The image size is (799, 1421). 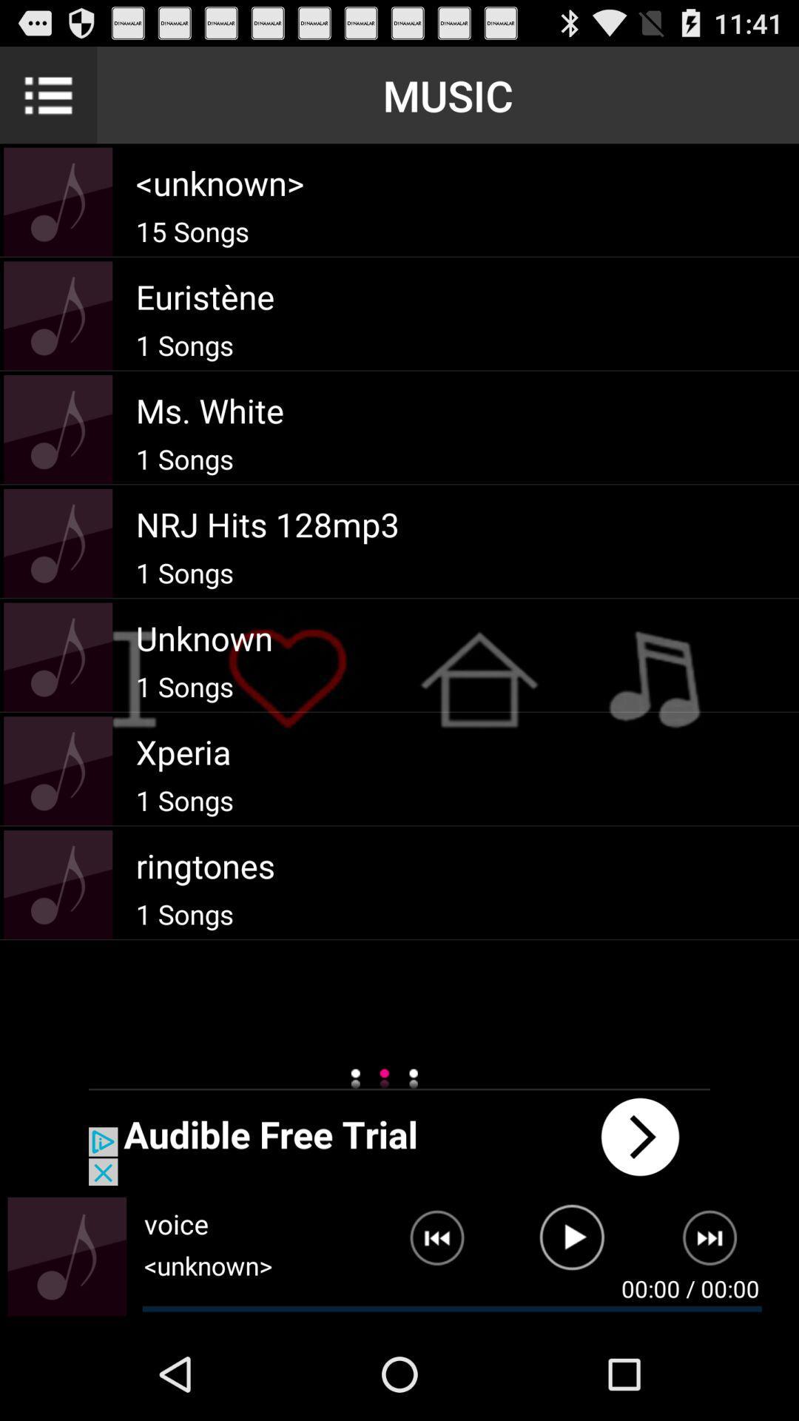 What do you see at coordinates (67, 1256) in the screenshot?
I see `enlarge album art` at bounding box center [67, 1256].